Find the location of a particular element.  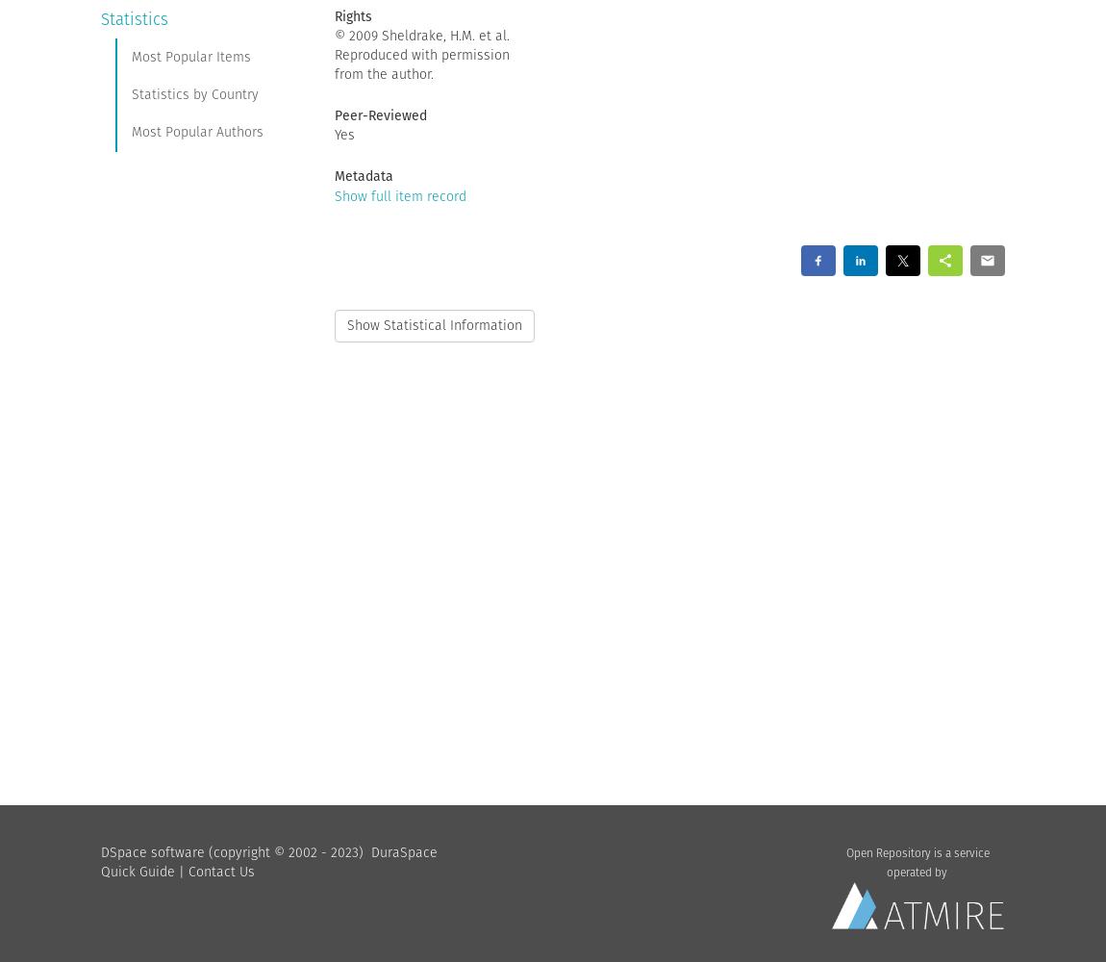

'Show full item record' is located at coordinates (399, 194).